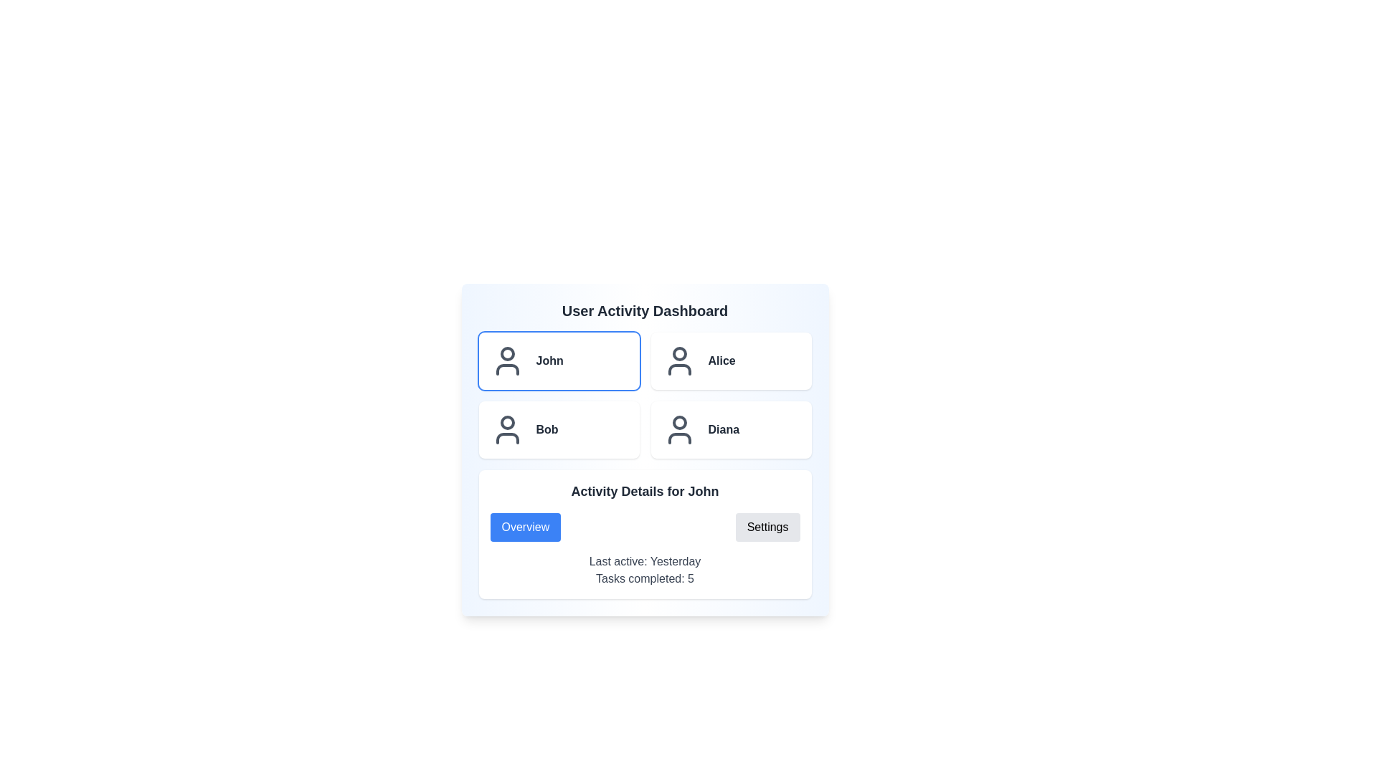 The image size is (1377, 774). What do you see at coordinates (724, 429) in the screenshot?
I see `the label identifying the user profile named 'Diana' located in the bottom-right quadrant of the user profiles grid` at bounding box center [724, 429].